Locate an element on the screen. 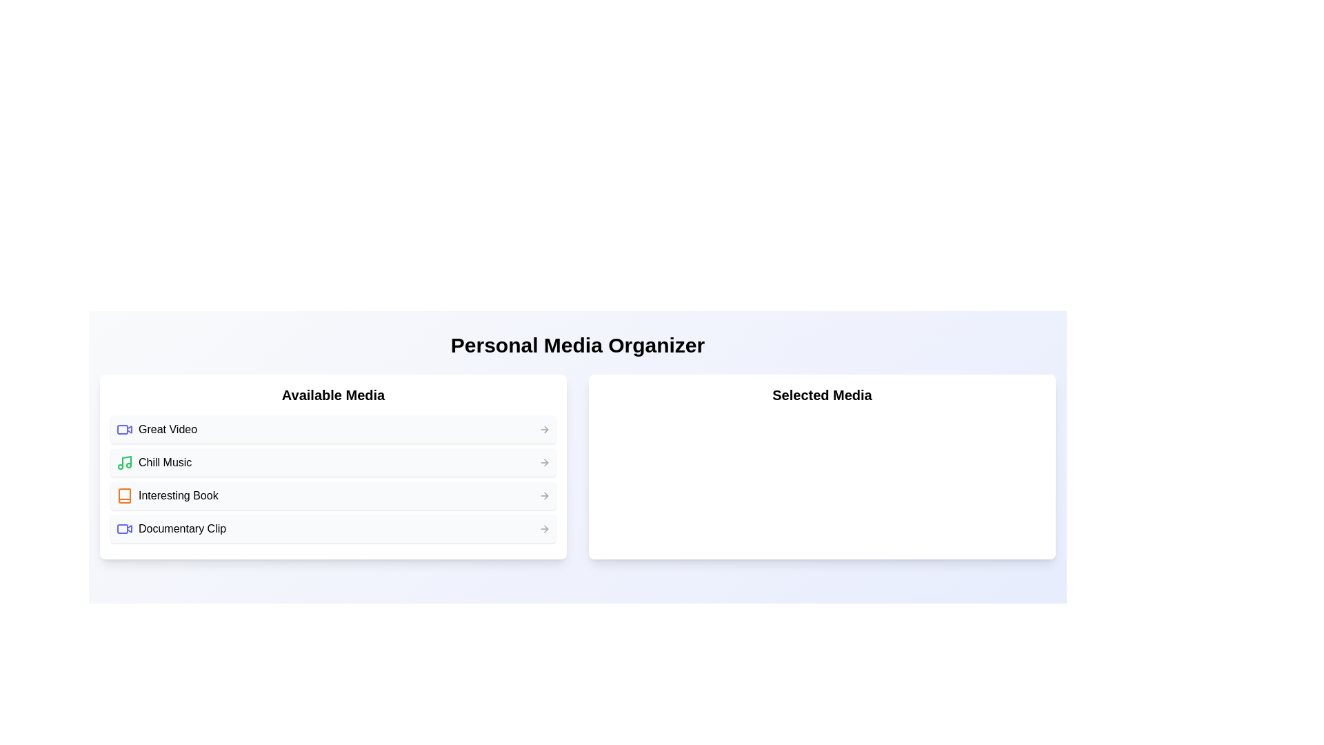  the list item titled 'Interesting Book' in the 'Available Media' list, which contains an icon and is the third entry in the list is located at coordinates (166, 495).